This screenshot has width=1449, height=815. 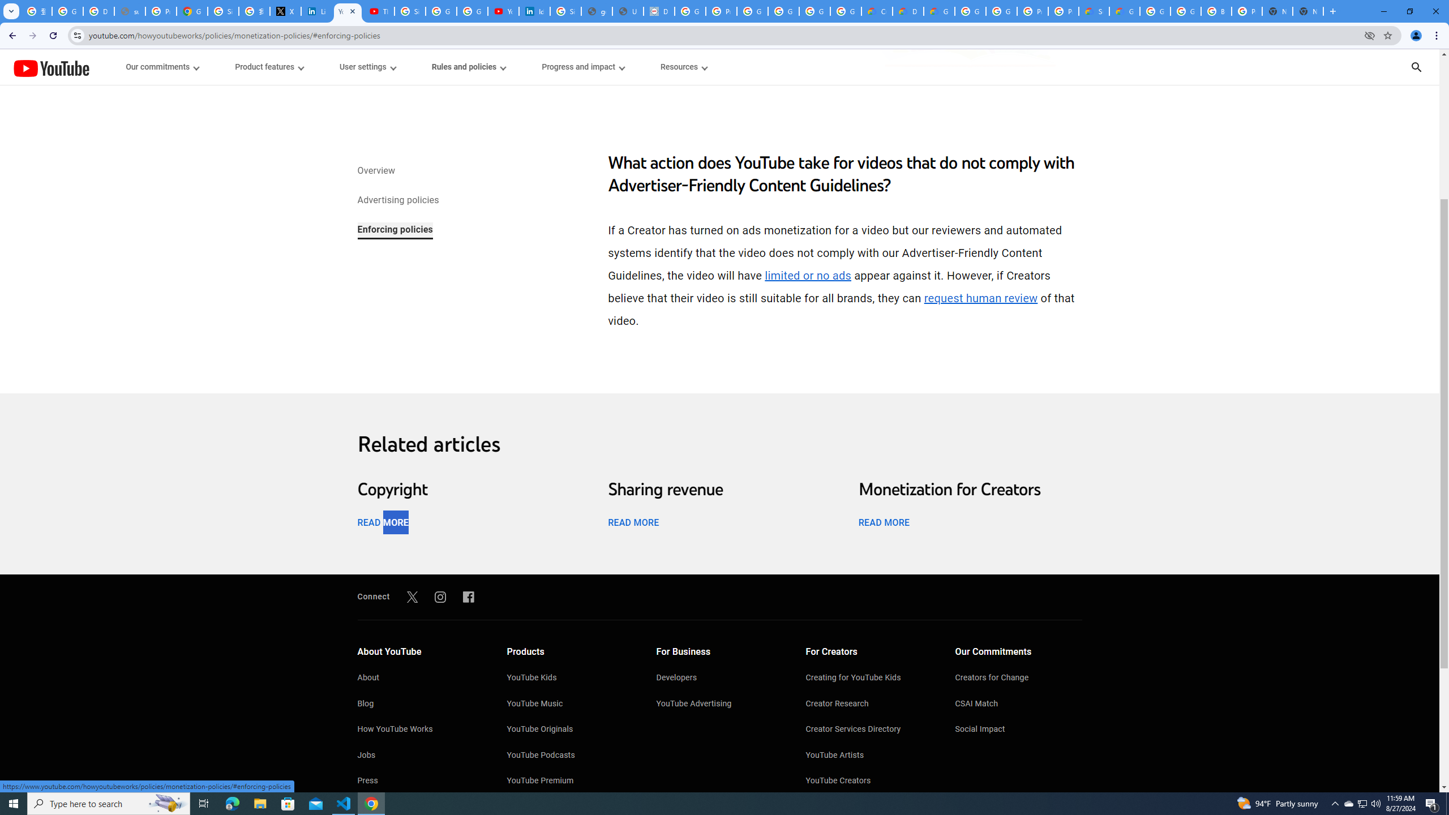 I want to click on 'JUMP TO CONTENT', so click(x=117, y=67).